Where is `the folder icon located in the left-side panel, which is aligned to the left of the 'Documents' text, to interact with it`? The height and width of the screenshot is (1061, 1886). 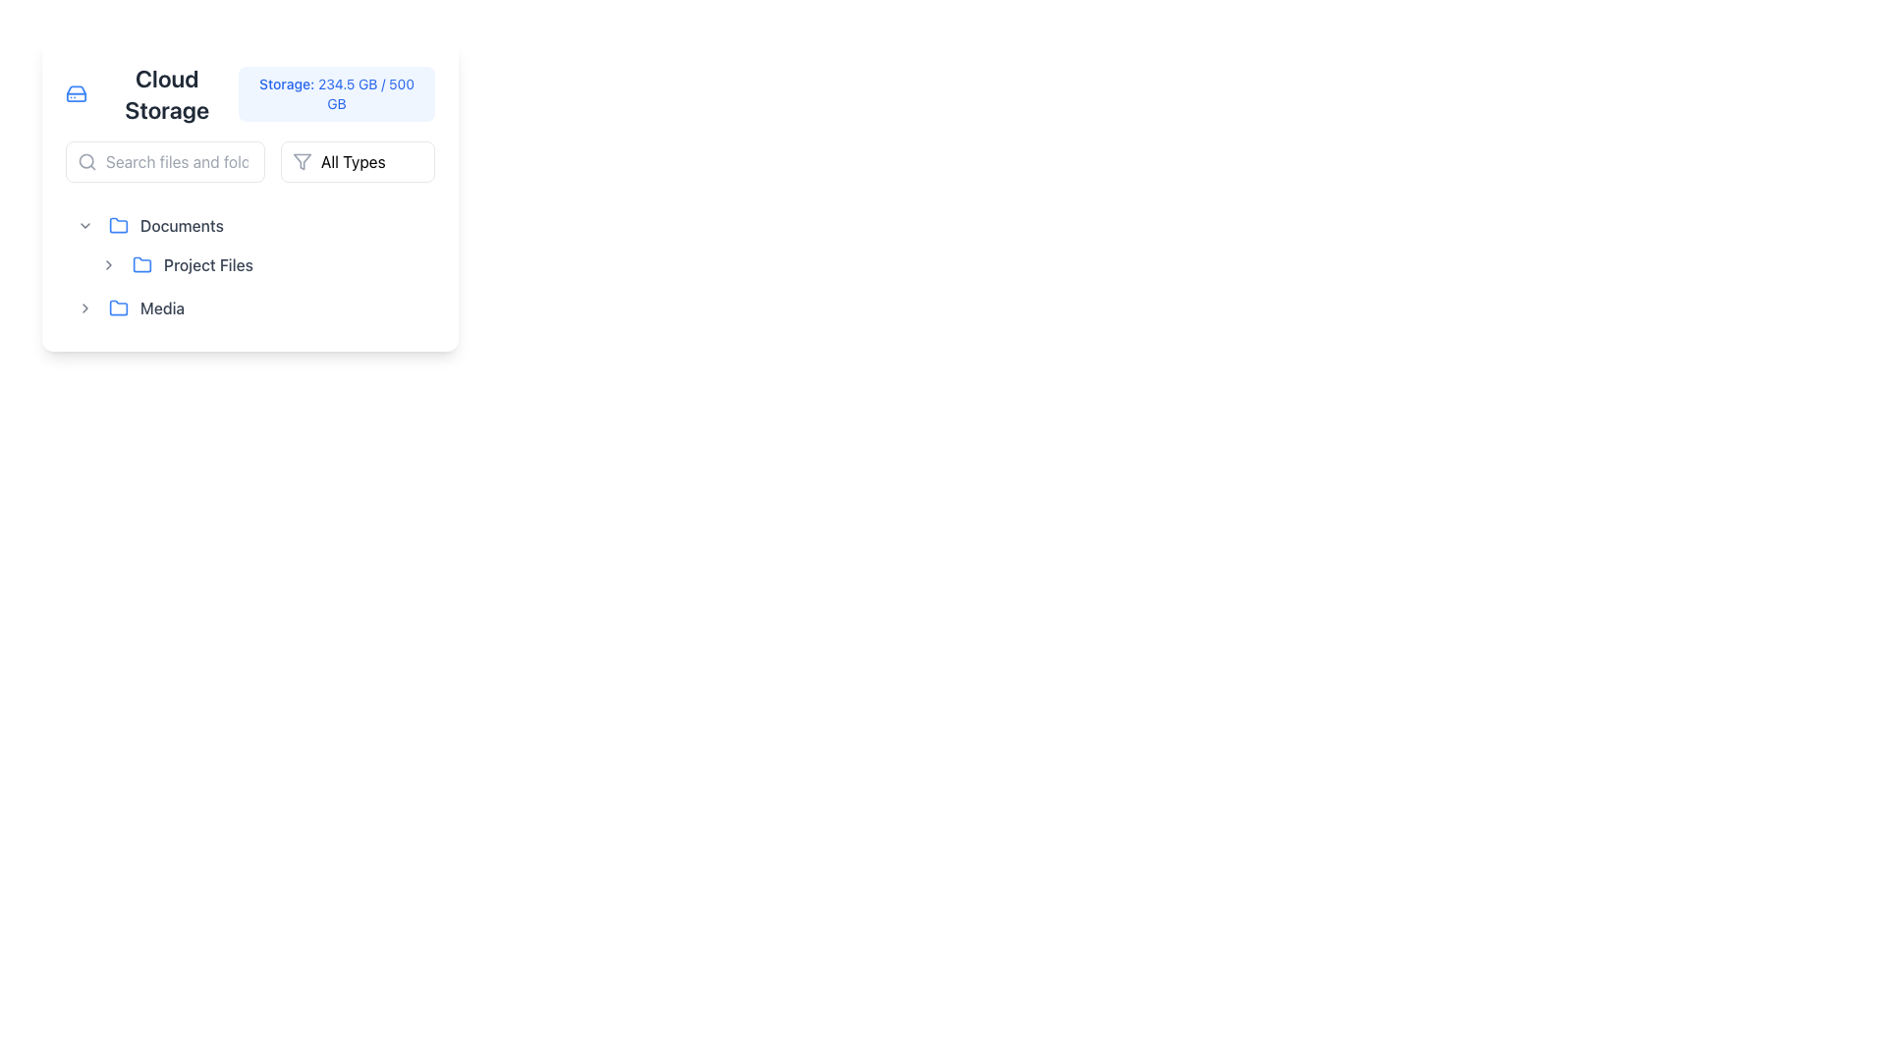 the folder icon located in the left-side panel, which is aligned to the left of the 'Documents' text, to interact with it is located at coordinates (117, 225).